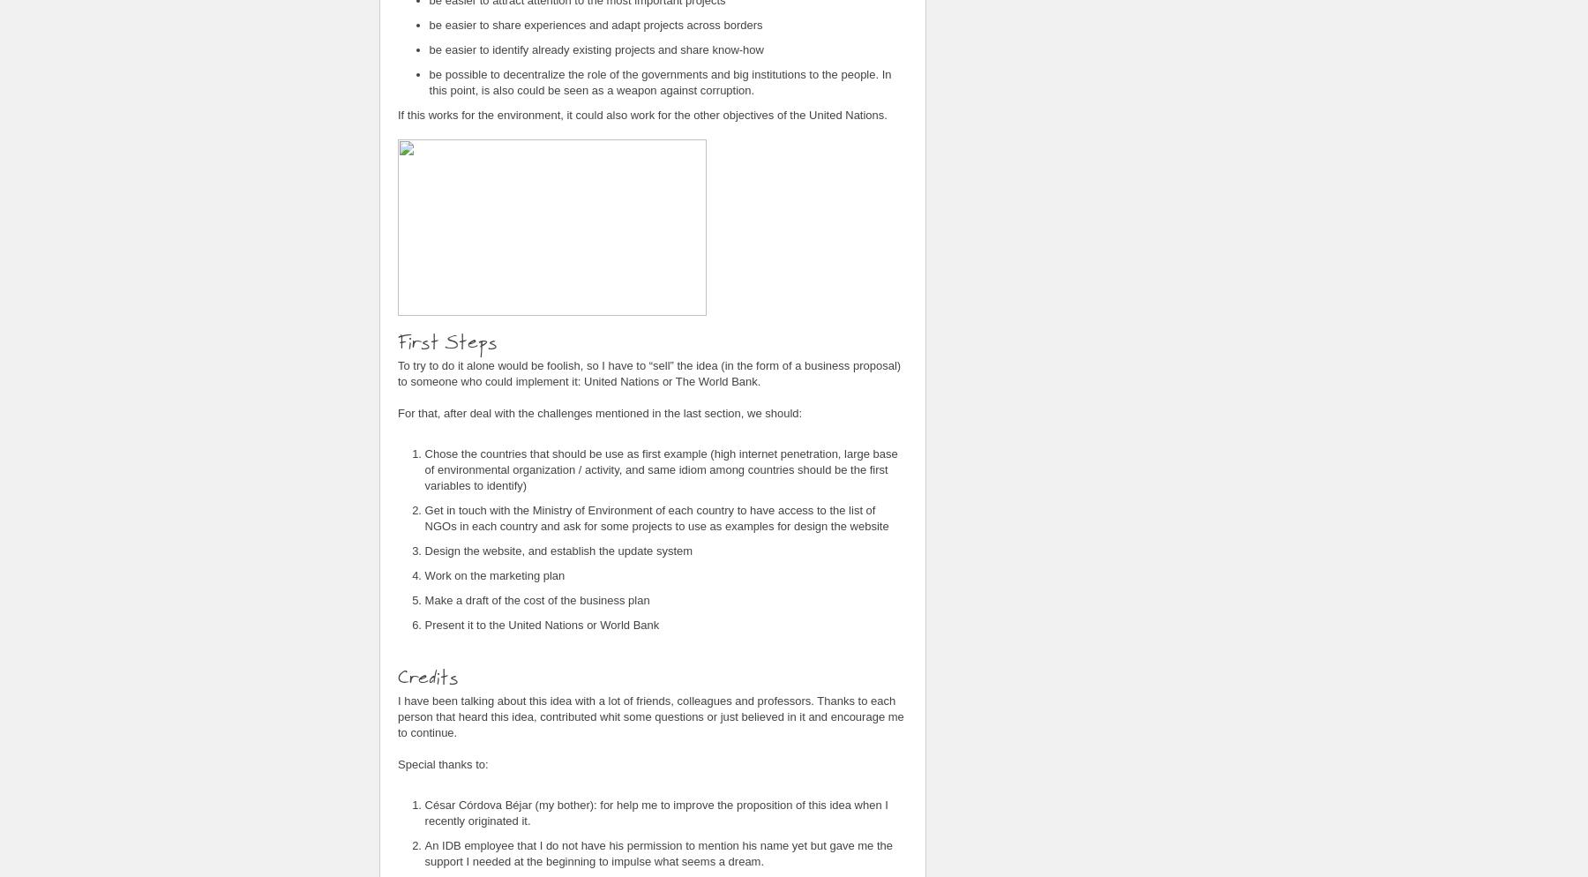  What do you see at coordinates (430, 674) in the screenshot?
I see `'Credits'` at bounding box center [430, 674].